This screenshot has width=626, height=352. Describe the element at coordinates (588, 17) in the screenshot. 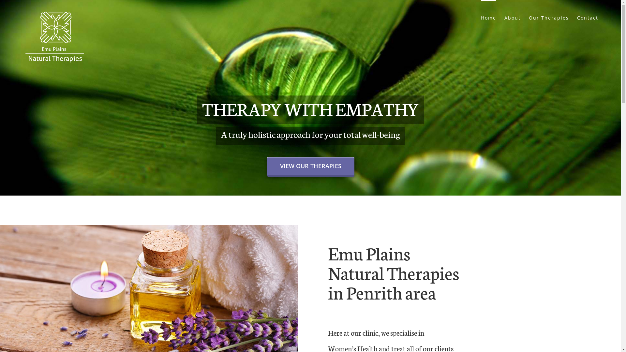

I see `'Contact'` at that location.